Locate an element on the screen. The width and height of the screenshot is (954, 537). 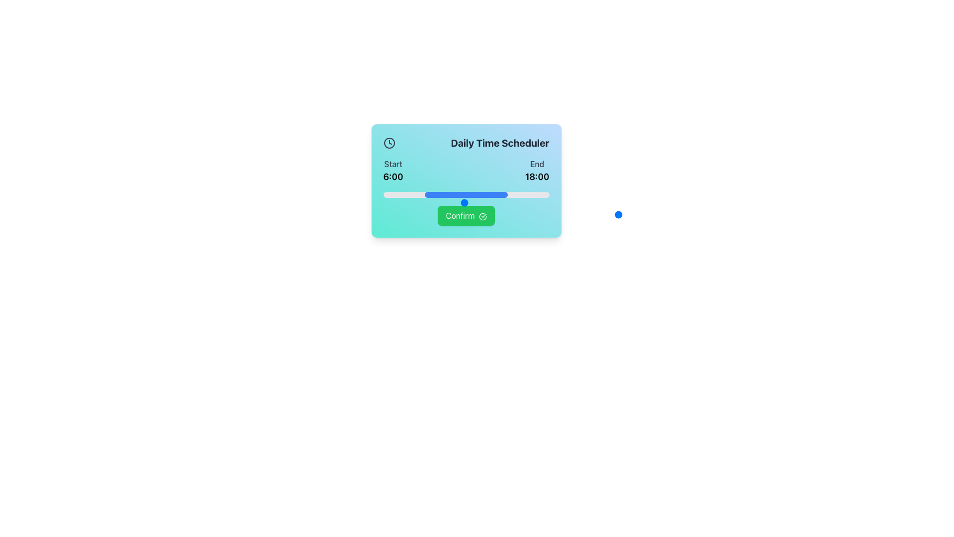
the time value is located at coordinates (515, 202).